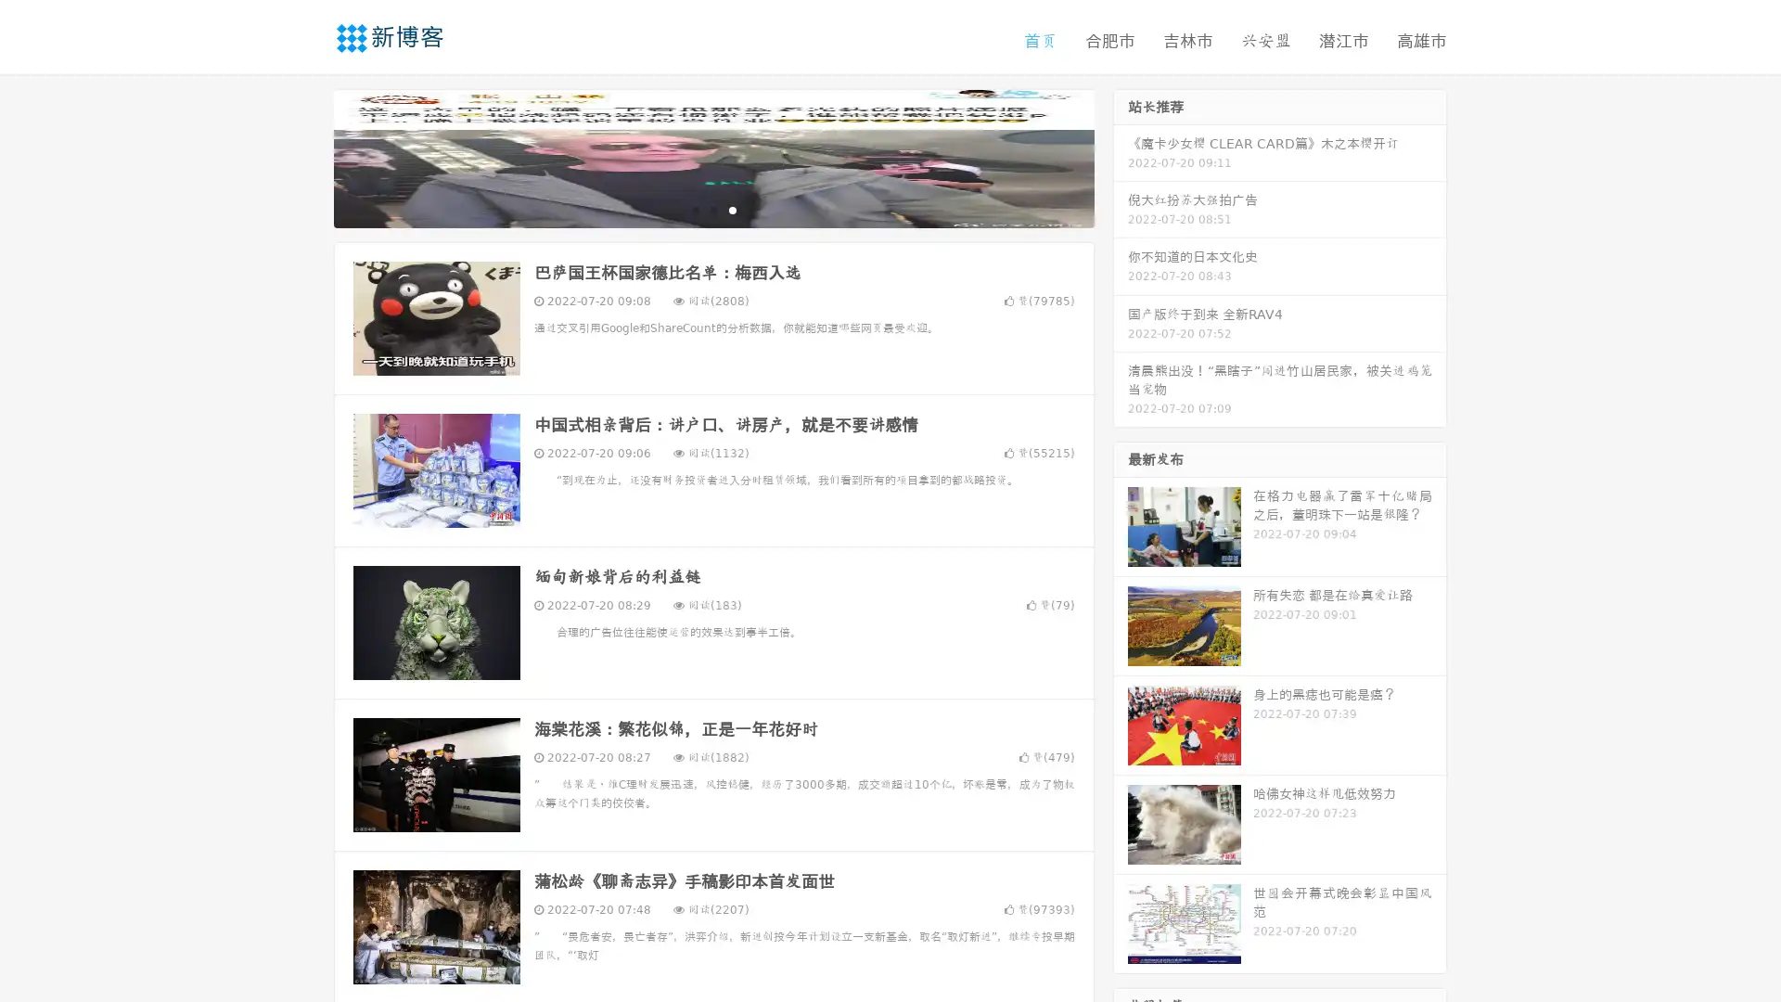 The width and height of the screenshot is (1781, 1002). What do you see at coordinates (306, 156) in the screenshot?
I see `Previous slide` at bounding box center [306, 156].